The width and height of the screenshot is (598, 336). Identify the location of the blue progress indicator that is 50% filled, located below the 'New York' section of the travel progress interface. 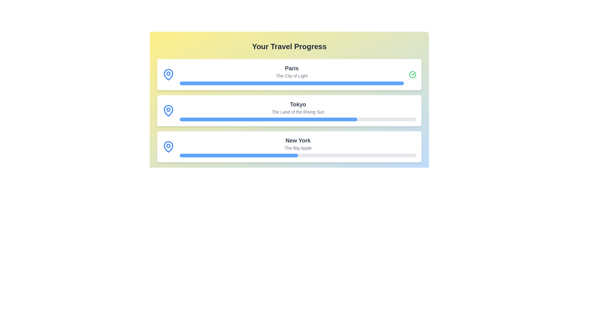
(239, 155).